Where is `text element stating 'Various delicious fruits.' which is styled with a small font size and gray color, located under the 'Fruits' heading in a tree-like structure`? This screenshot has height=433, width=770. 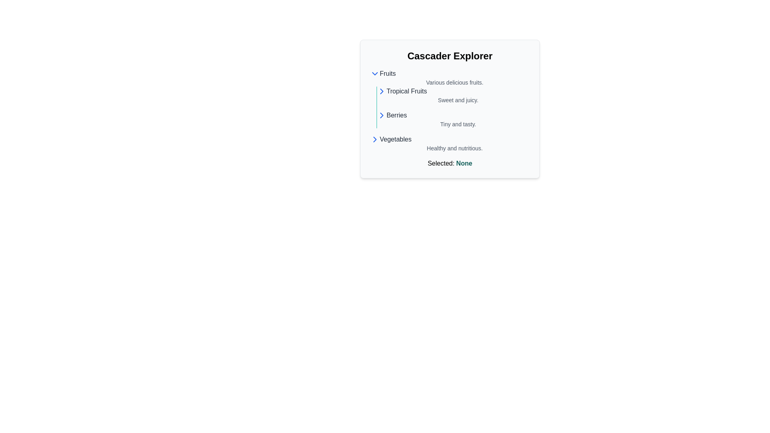
text element stating 'Various delicious fruits.' which is styled with a small font size and gray color, located under the 'Fruits' heading in a tree-like structure is located at coordinates (454, 82).